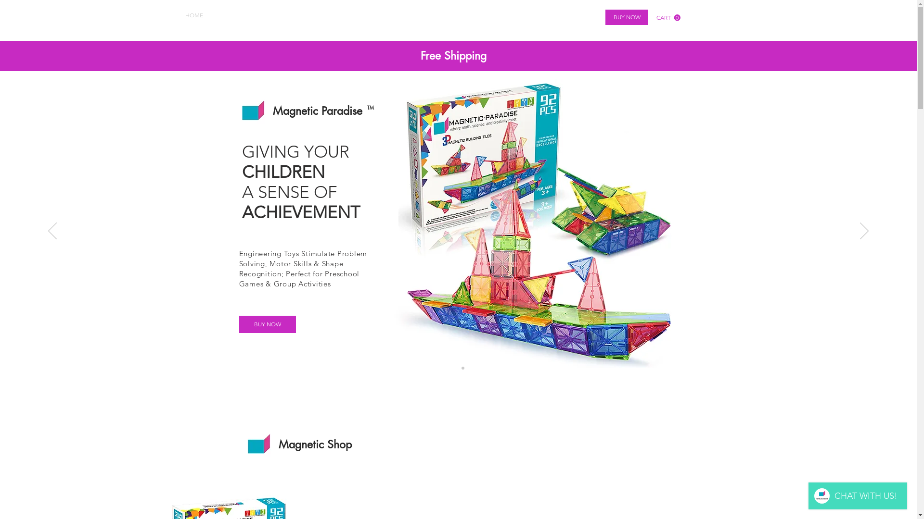 Image resolution: width=924 pixels, height=519 pixels. I want to click on 'BUY NOW', so click(267, 324).